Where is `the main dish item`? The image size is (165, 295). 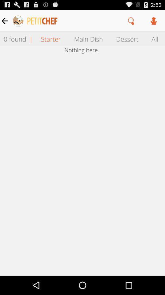 the main dish item is located at coordinates (88, 38).